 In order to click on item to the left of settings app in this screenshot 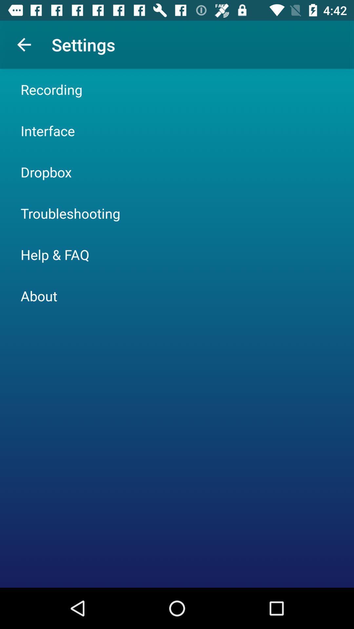, I will do `click(24, 44)`.